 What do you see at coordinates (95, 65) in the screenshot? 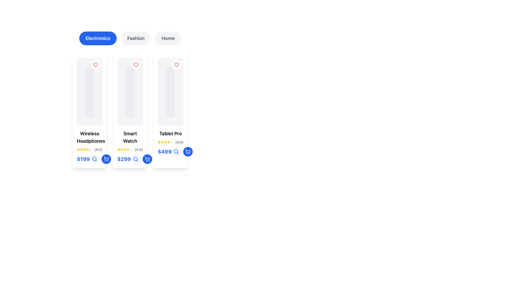
I see `the 'like' or 'favorite' button located in the top-right corner of the 'Wireless Headphones' card` at bounding box center [95, 65].